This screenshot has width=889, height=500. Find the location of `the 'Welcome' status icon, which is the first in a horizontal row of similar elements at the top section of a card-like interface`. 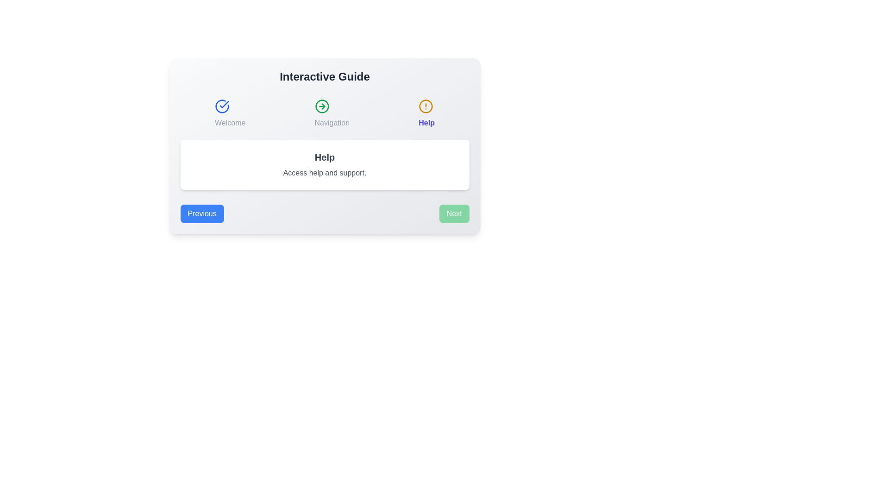

the 'Welcome' status icon, which is the first in a horizontal row of similar elements at the top section of a card-like interface is located at coordinates (222, 106).